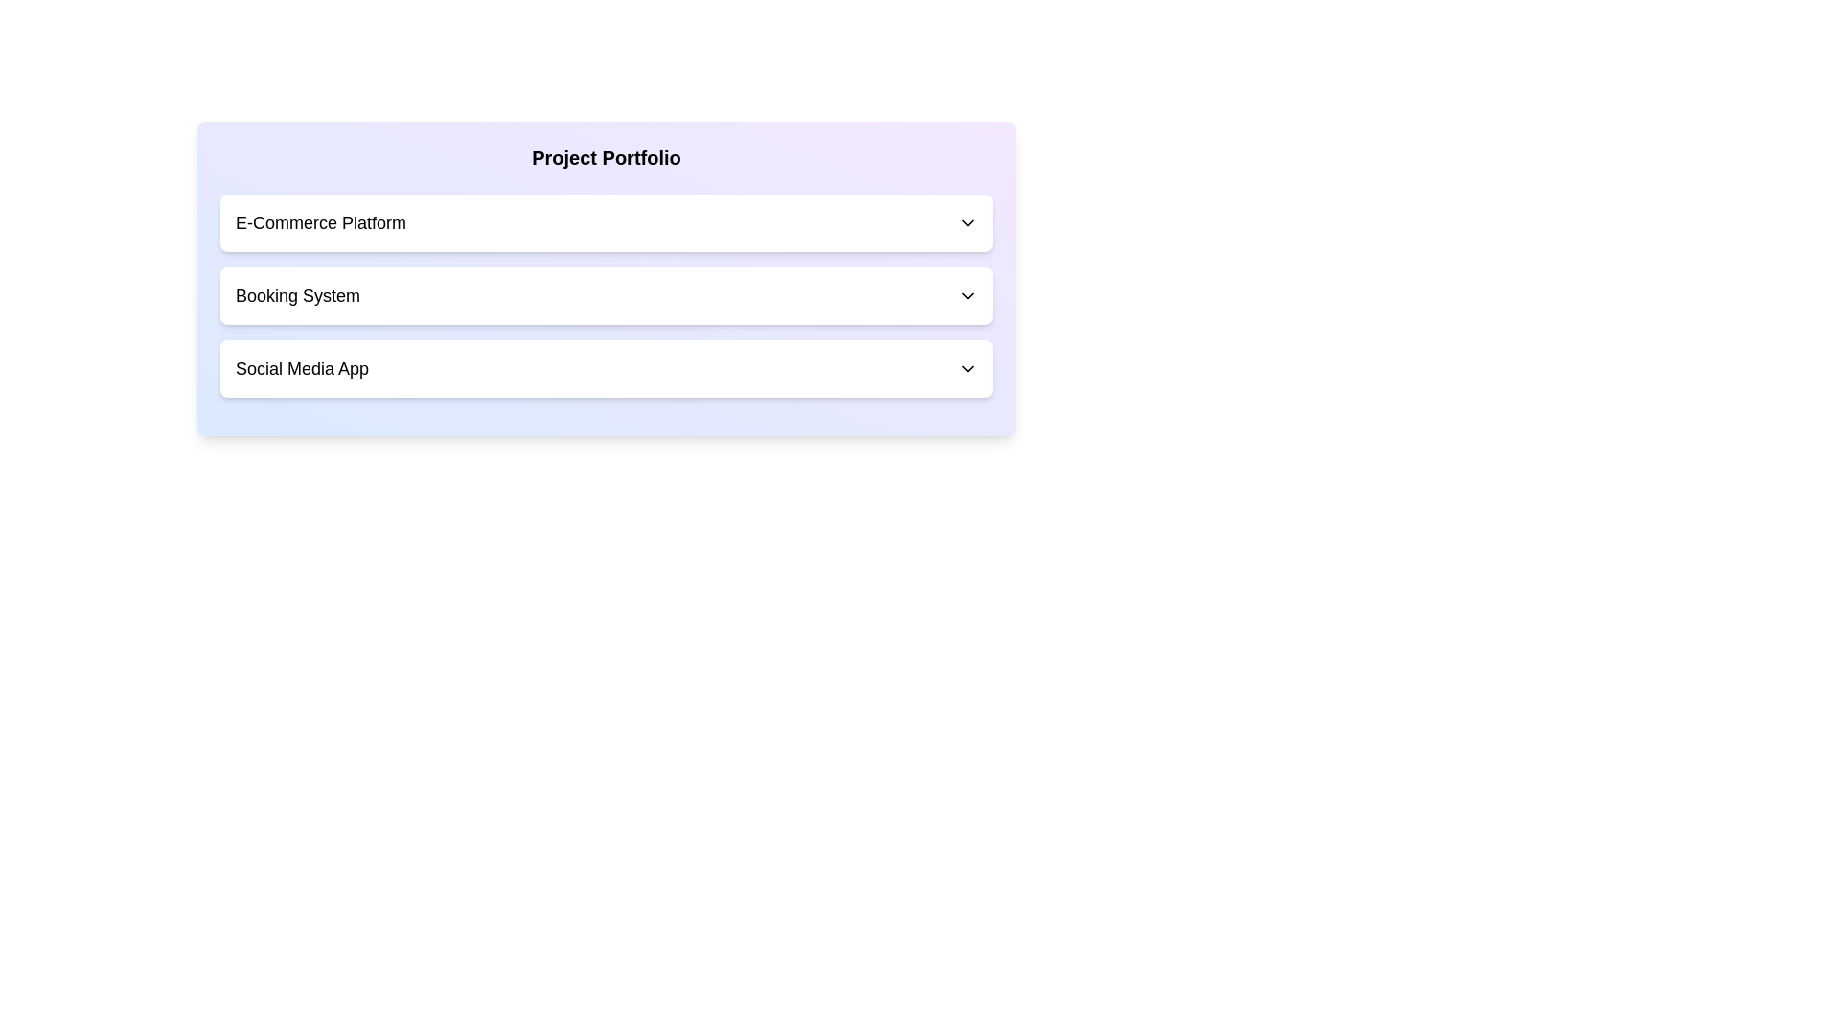 This screenshot has width=1840, height=1035. What do you see at coordinates (606, 295) in the screenshot?
I see `the 'Booking System' dropdown menu trigger` at bounding box center [606, 295].